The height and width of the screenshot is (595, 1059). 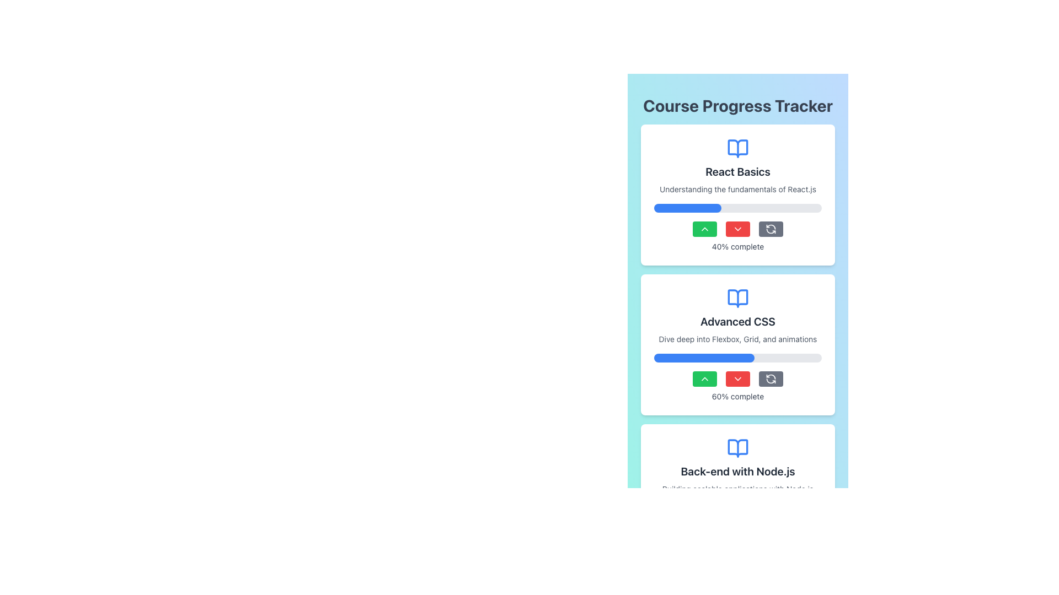 I want to click on the Progress indicator (progress bar) that shows 60% completion within the 'Advanced CSS' course card, located below the course description and above the control buttons, so click(x=738, y=358).